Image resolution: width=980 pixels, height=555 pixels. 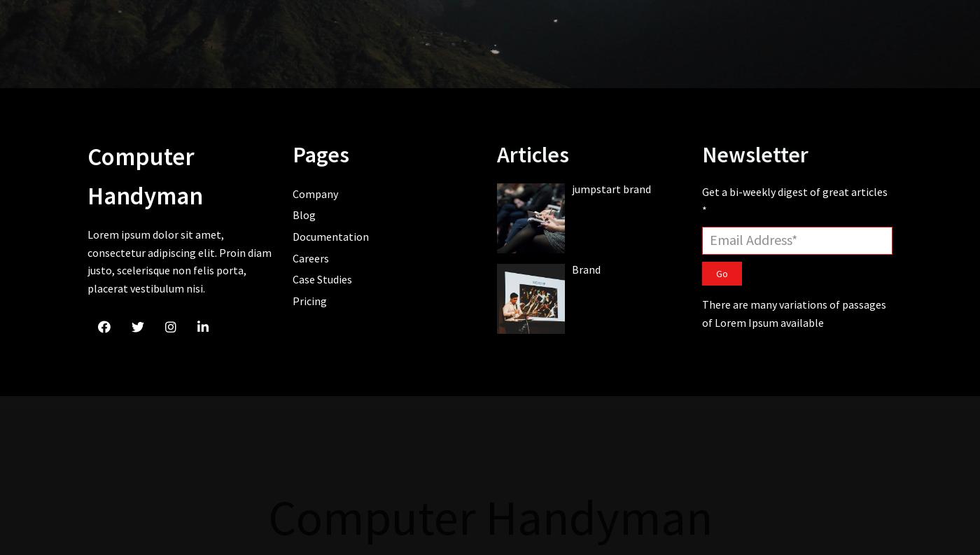 I want to click on 'Go', so click(x=721, y=272).